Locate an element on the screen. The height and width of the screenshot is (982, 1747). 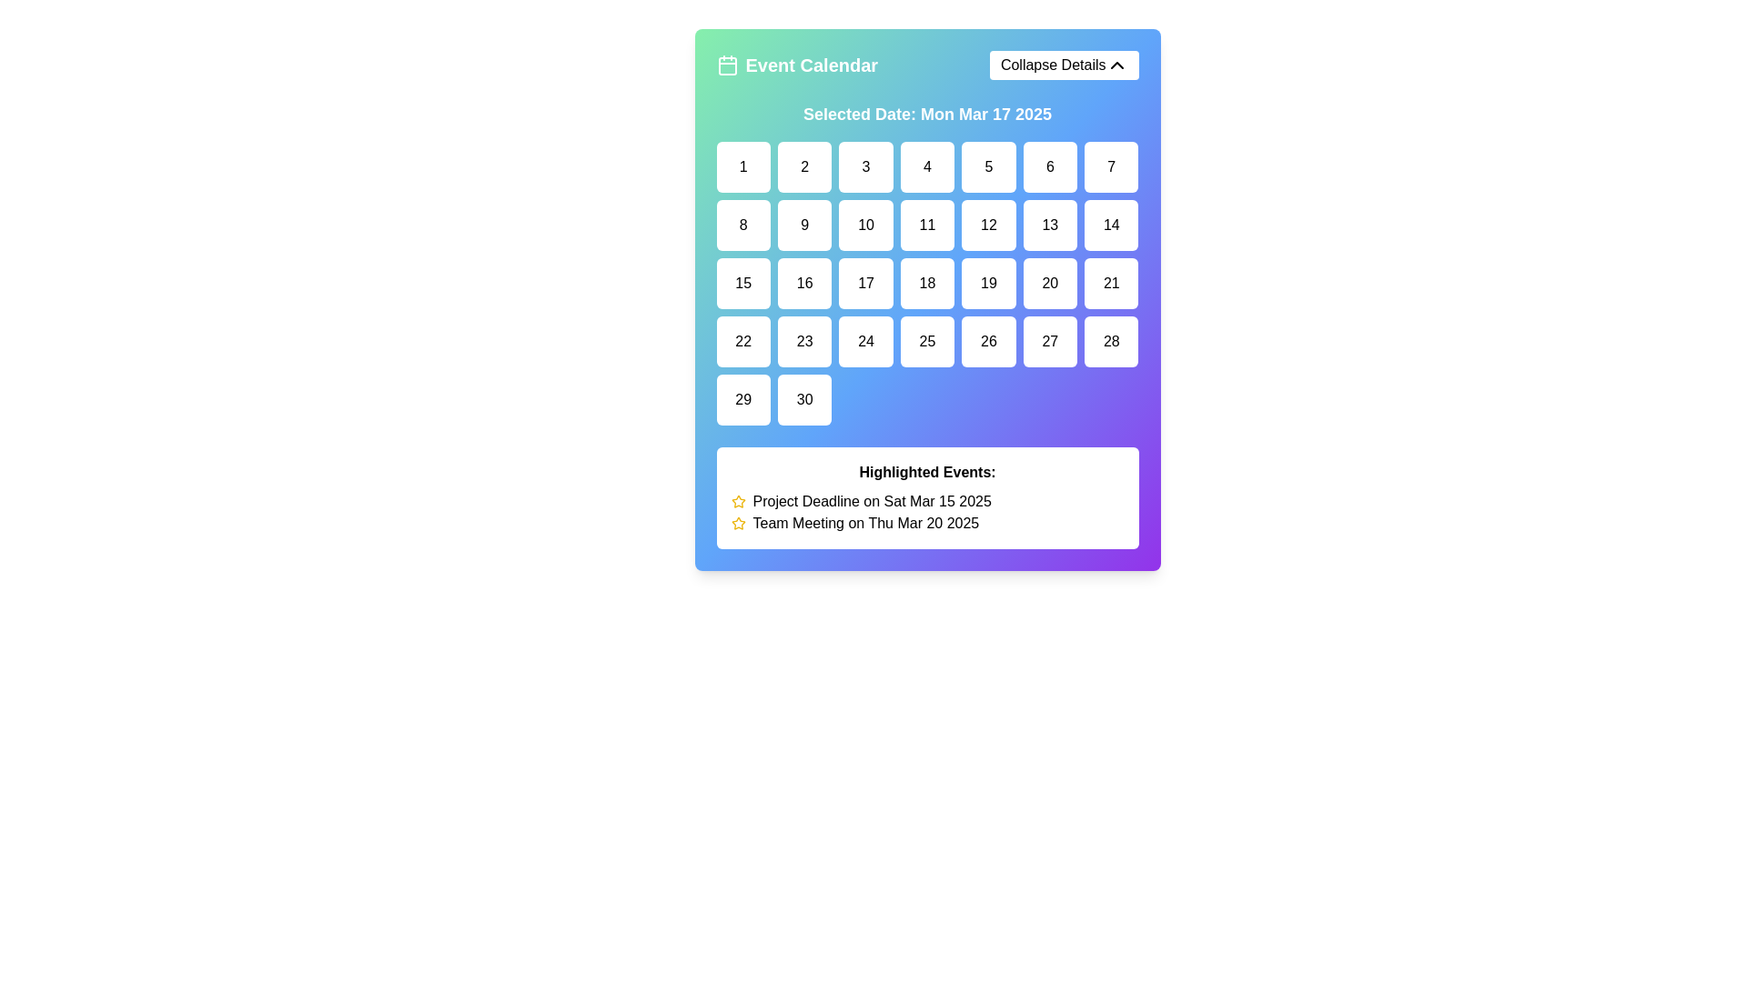
the square button with a white background and black text displaying '11', located in the second row and fourth column of the calendar grid is located at coordinates (927, 224).